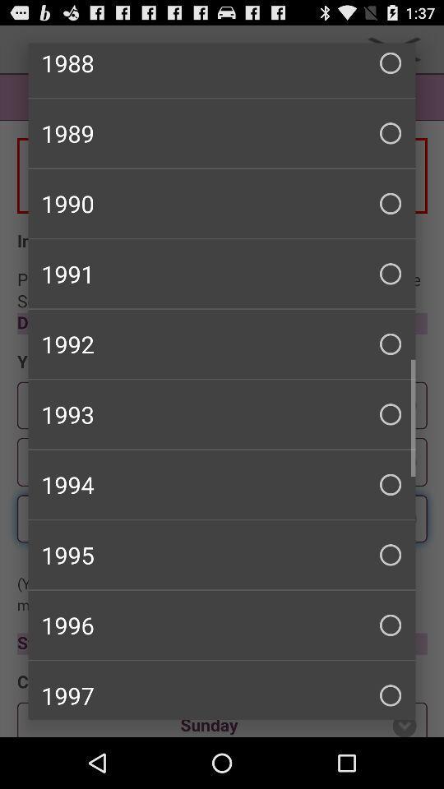 The image size is (444, 789). I want to click on the checkbox below the 1991, so click(222, 343).